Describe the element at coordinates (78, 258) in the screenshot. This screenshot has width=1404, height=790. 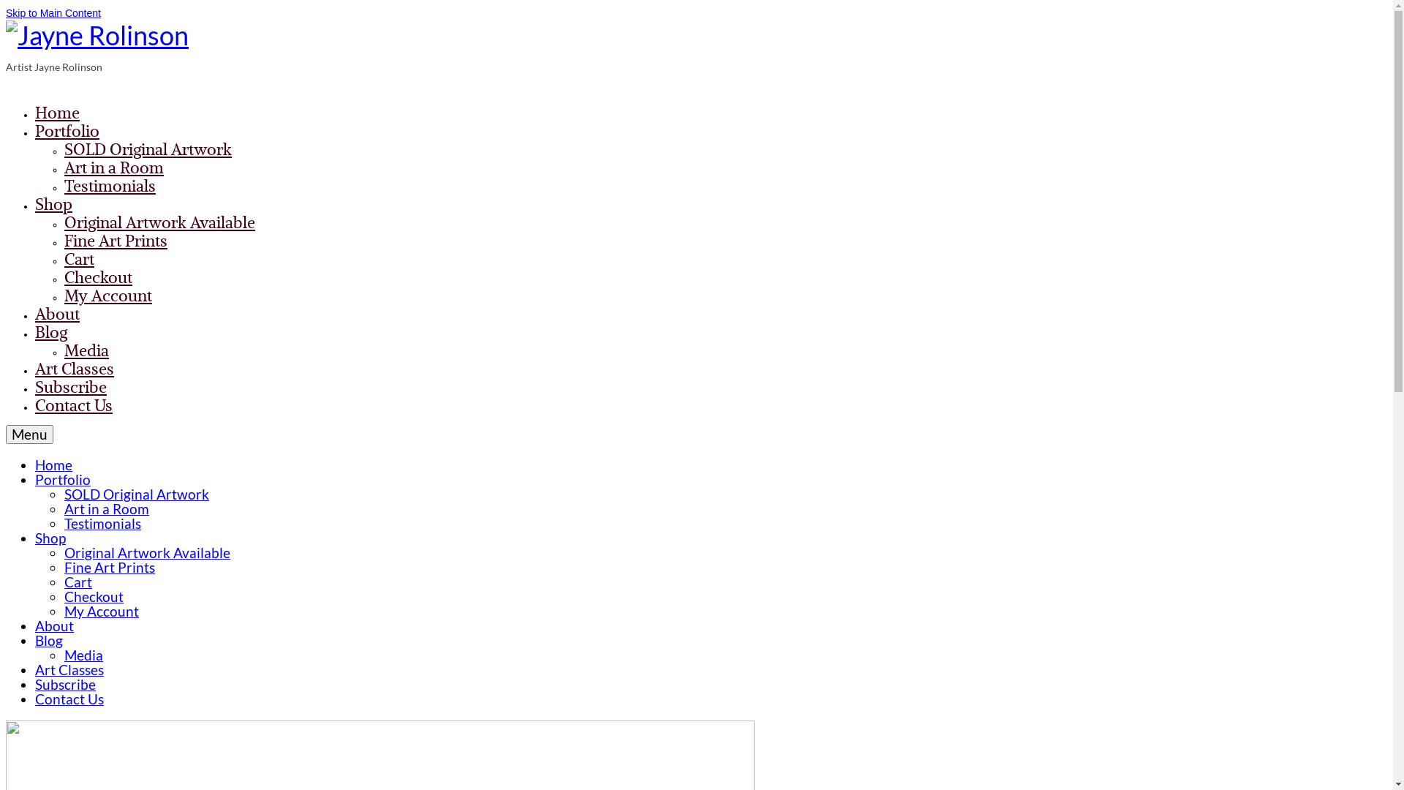
I see `'Cart'` at that location.